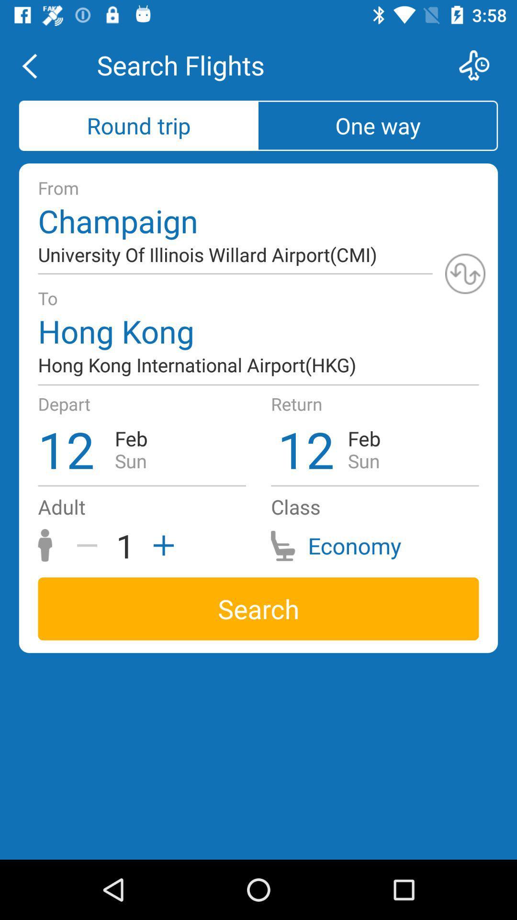 This screenshot has height=920, width=517. What do you see at coordinates (480, 65) in the screenshot?
I see `flight times` at bounding box center [480, 65].